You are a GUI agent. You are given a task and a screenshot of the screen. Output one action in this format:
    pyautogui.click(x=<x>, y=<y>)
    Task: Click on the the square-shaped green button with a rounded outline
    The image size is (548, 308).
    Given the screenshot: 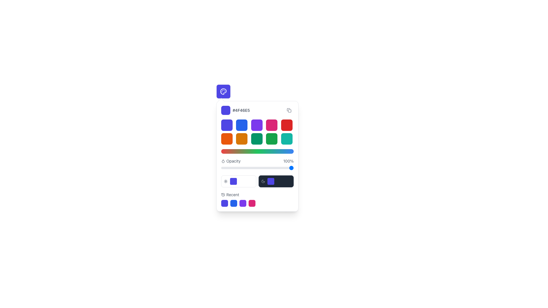 What is the action you would take?
    pyautogui.click(x=271, y=139)
    